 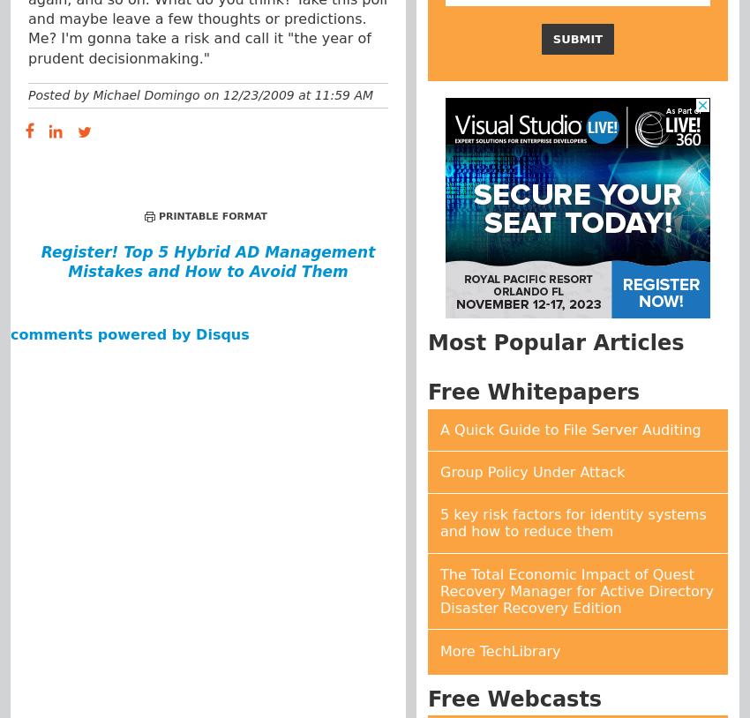 What do you see at coordinates (514, 699) in the screenshot?
I see `'Free Webcasts'` at bounding box center [514, 699].